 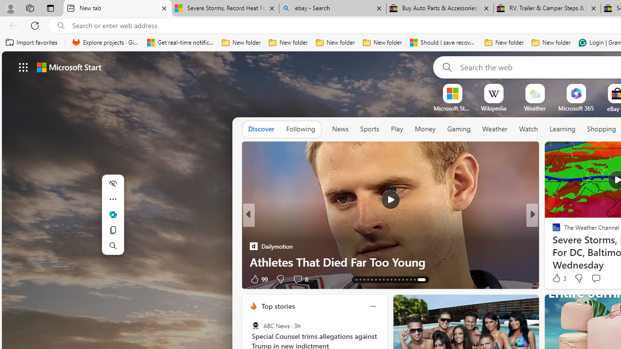 I want to click on 'View comments 167 Comment', so click(x=605, y=279).